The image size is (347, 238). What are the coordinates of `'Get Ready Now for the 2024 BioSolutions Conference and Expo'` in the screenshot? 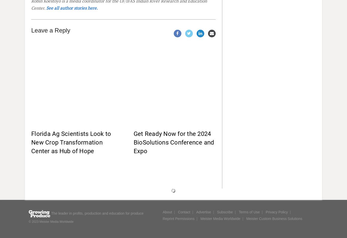 It's located at (173, 142).